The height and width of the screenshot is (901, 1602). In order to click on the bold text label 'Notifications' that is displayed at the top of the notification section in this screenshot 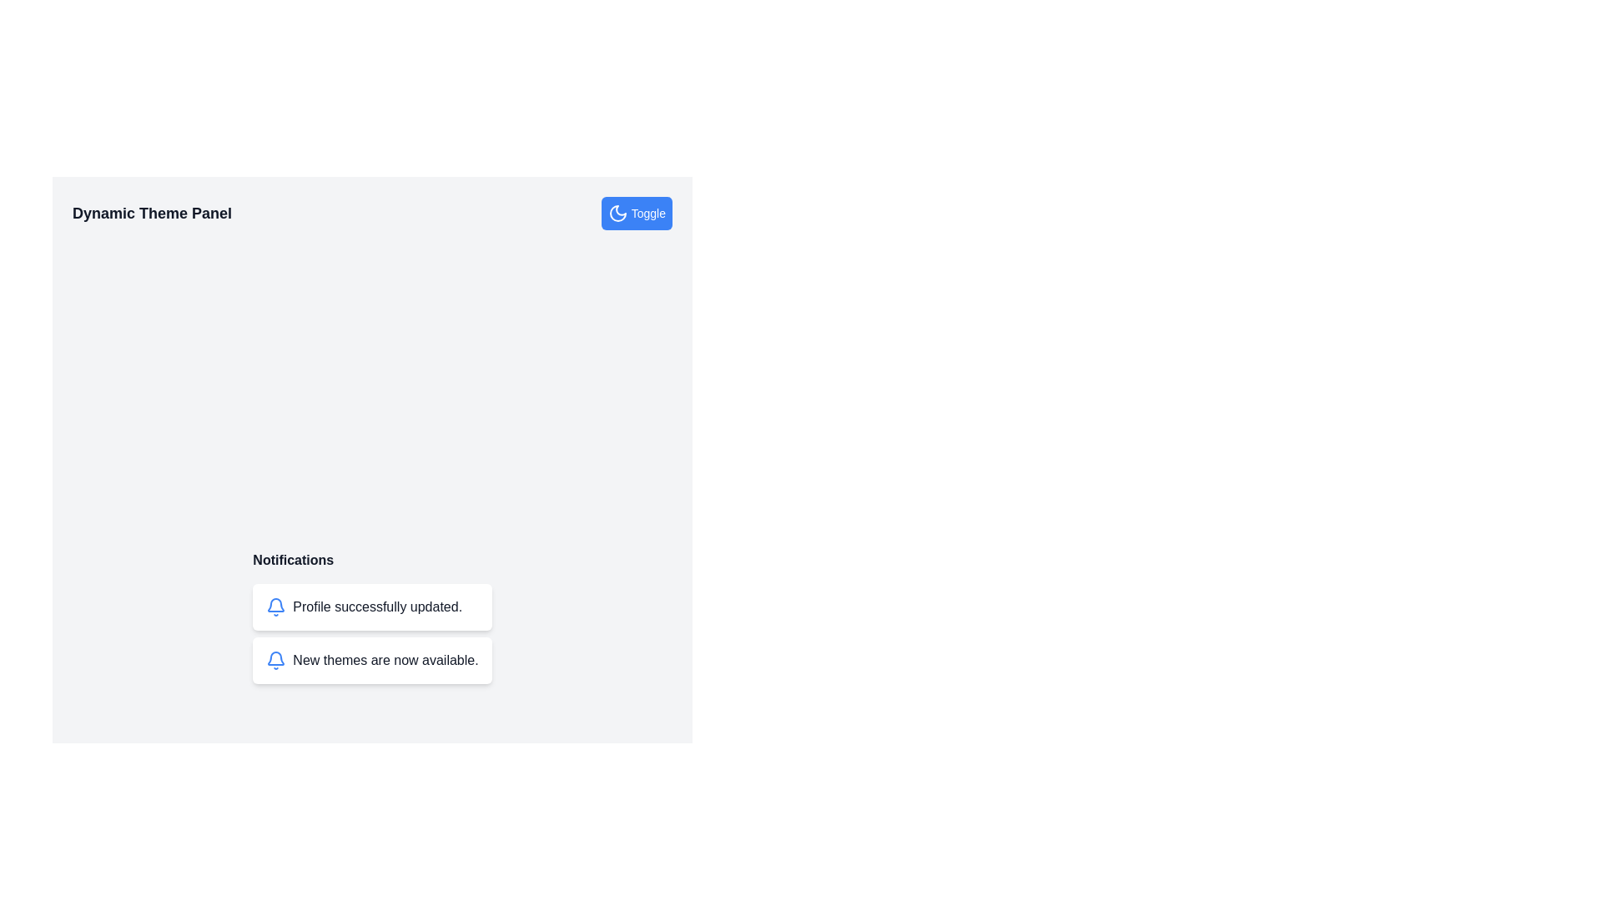, I will do `click(293, 560)`.